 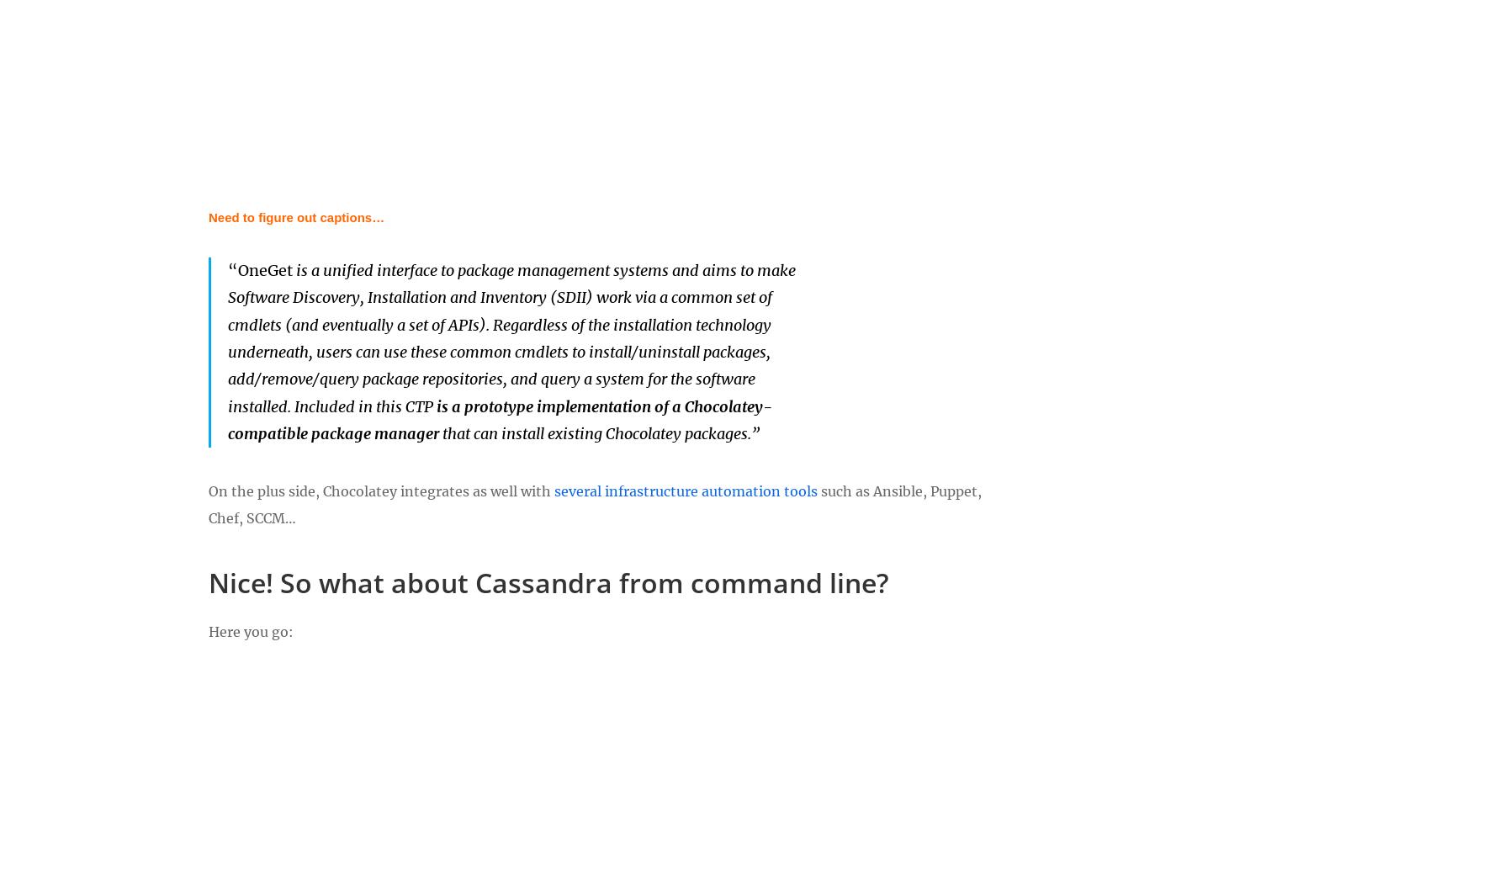 I want to click on 'is a prototype implementation of a Chocolatey-compatible package manager', so click(x=228, y=420).